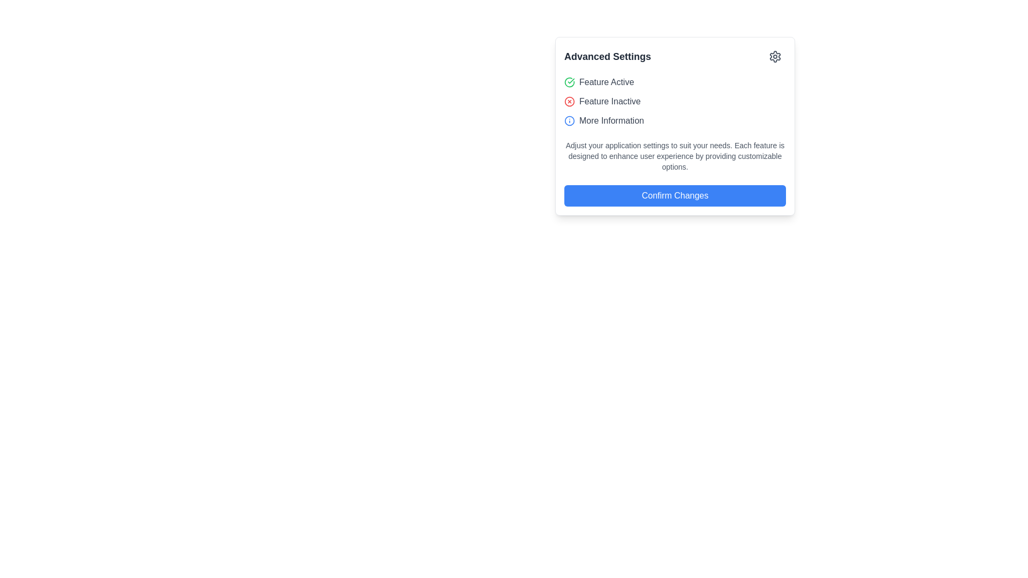 This screenshot has height=578, width=1028. Describe the element at coordinates (775, 56) in the screenshot. I see `the circular settings button with a gear-shaped icon located at the top-right corner of the 'Advanced Settings' panel` at that location.